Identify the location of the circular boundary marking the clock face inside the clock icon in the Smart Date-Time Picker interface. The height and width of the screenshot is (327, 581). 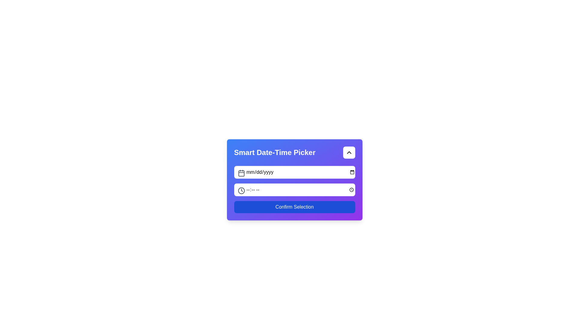
(241, 190).